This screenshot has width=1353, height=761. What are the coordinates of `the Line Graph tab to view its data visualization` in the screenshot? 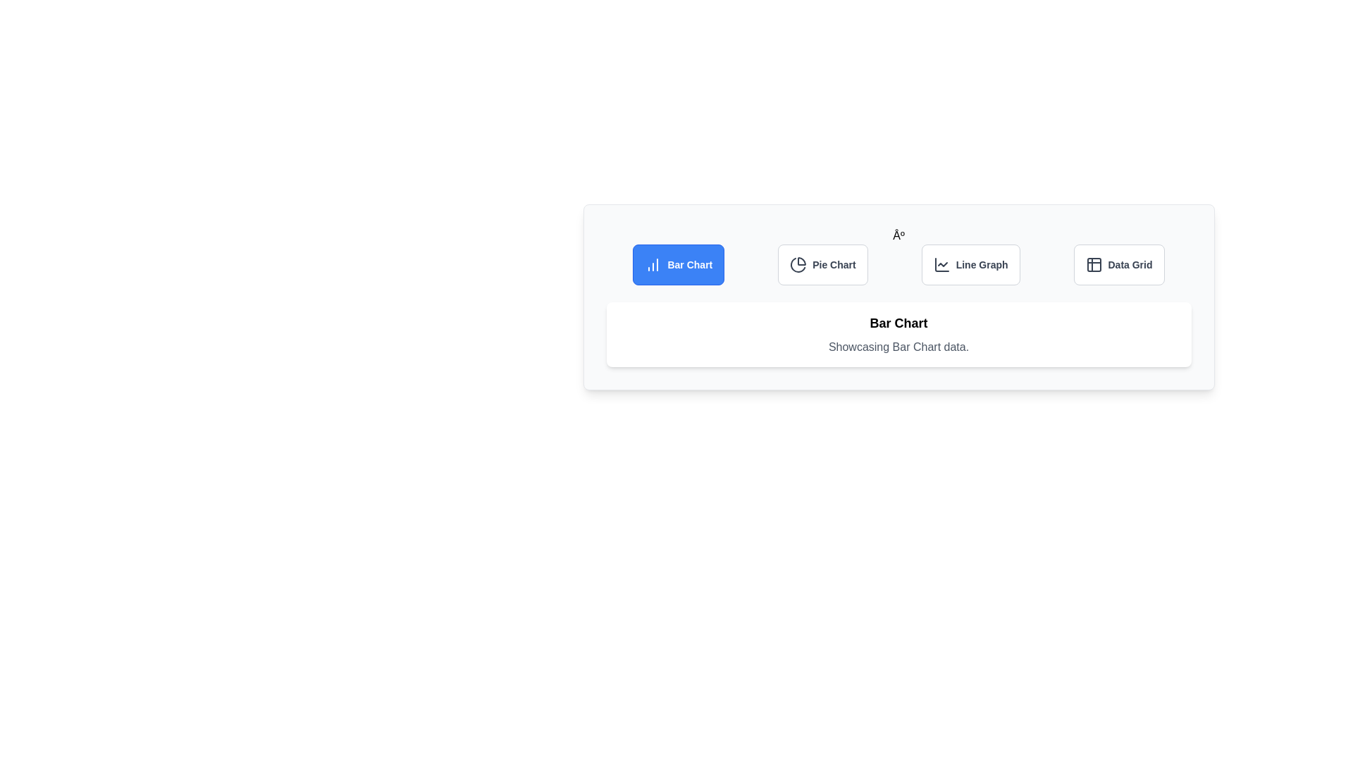 It's located at (970, 264).